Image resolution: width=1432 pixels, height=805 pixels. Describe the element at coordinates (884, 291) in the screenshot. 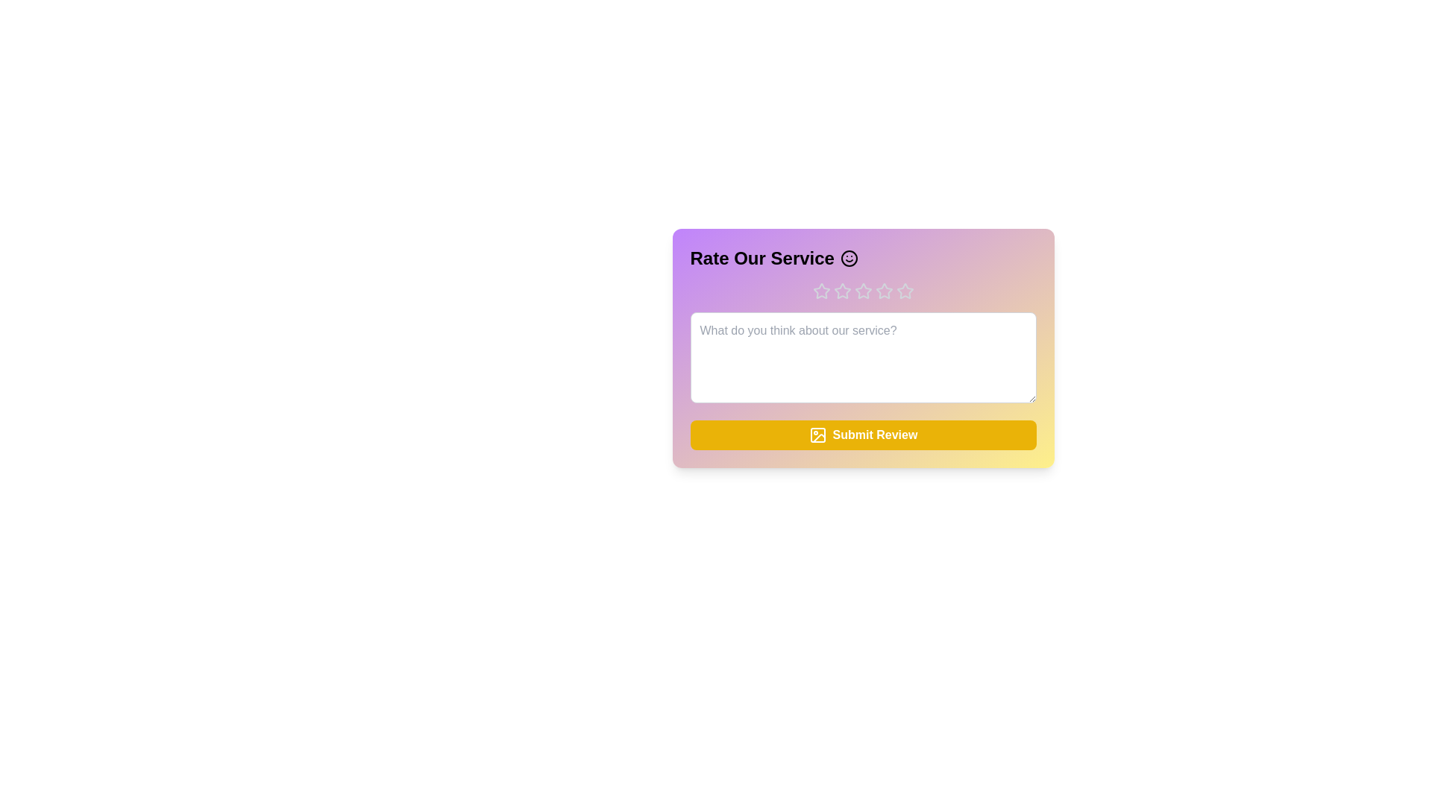

I see `the star corresponding to the desired rating value 4` at that location.